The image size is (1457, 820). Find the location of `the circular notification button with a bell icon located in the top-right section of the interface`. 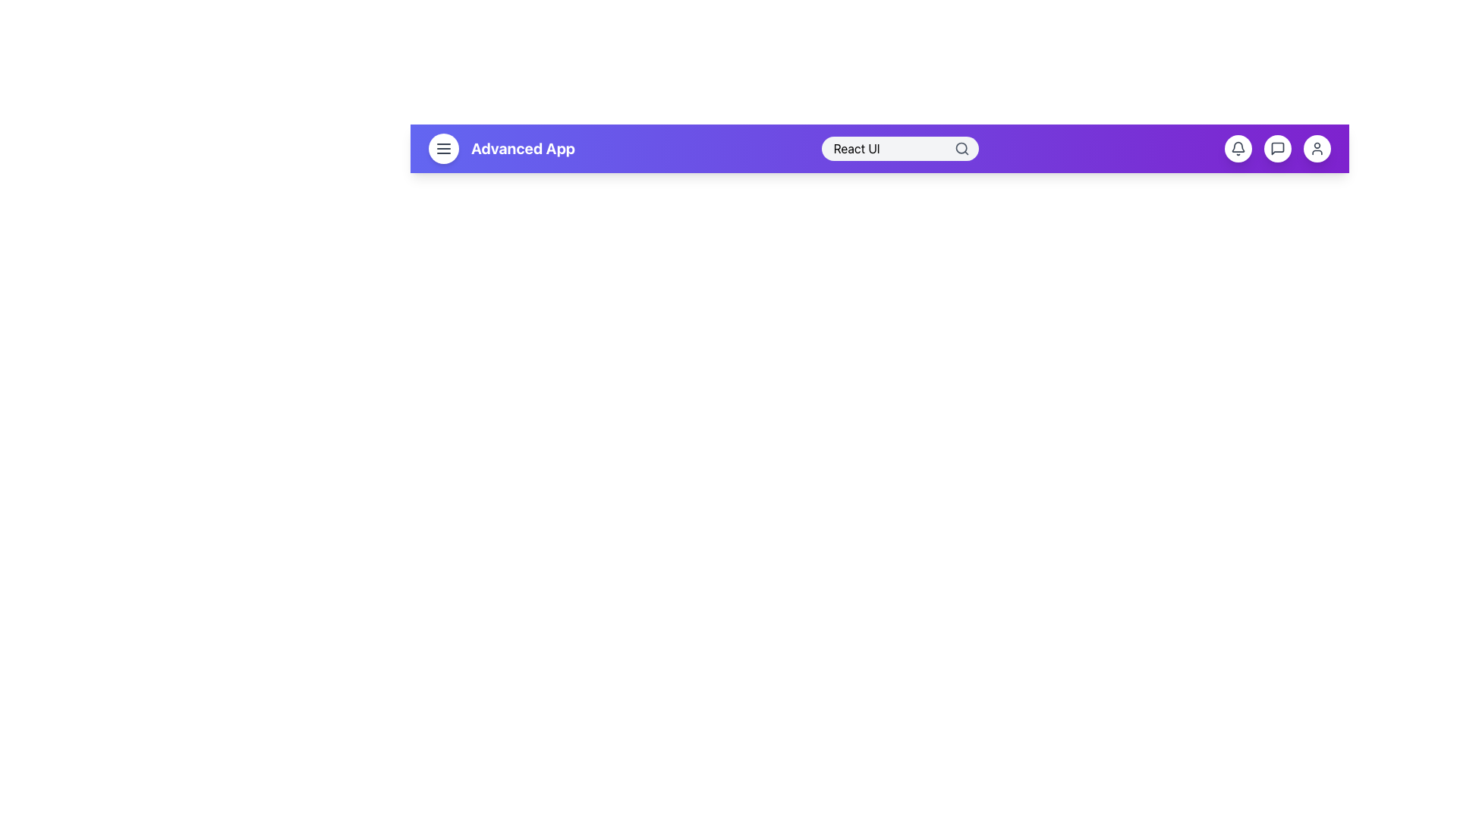

the circular notification button with a bell icon located in the top-right section of the interface is located at coordinates (1238, 149).